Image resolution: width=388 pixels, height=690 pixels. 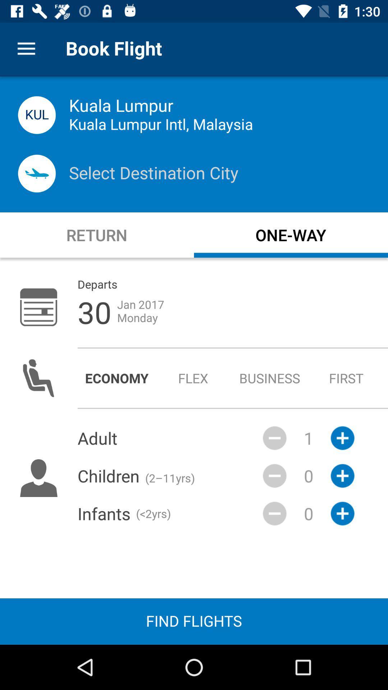 What do you see at coordinates (193, 378) in the screenshot?
I see `item next to the business icon` at bounding box center [193, 378].